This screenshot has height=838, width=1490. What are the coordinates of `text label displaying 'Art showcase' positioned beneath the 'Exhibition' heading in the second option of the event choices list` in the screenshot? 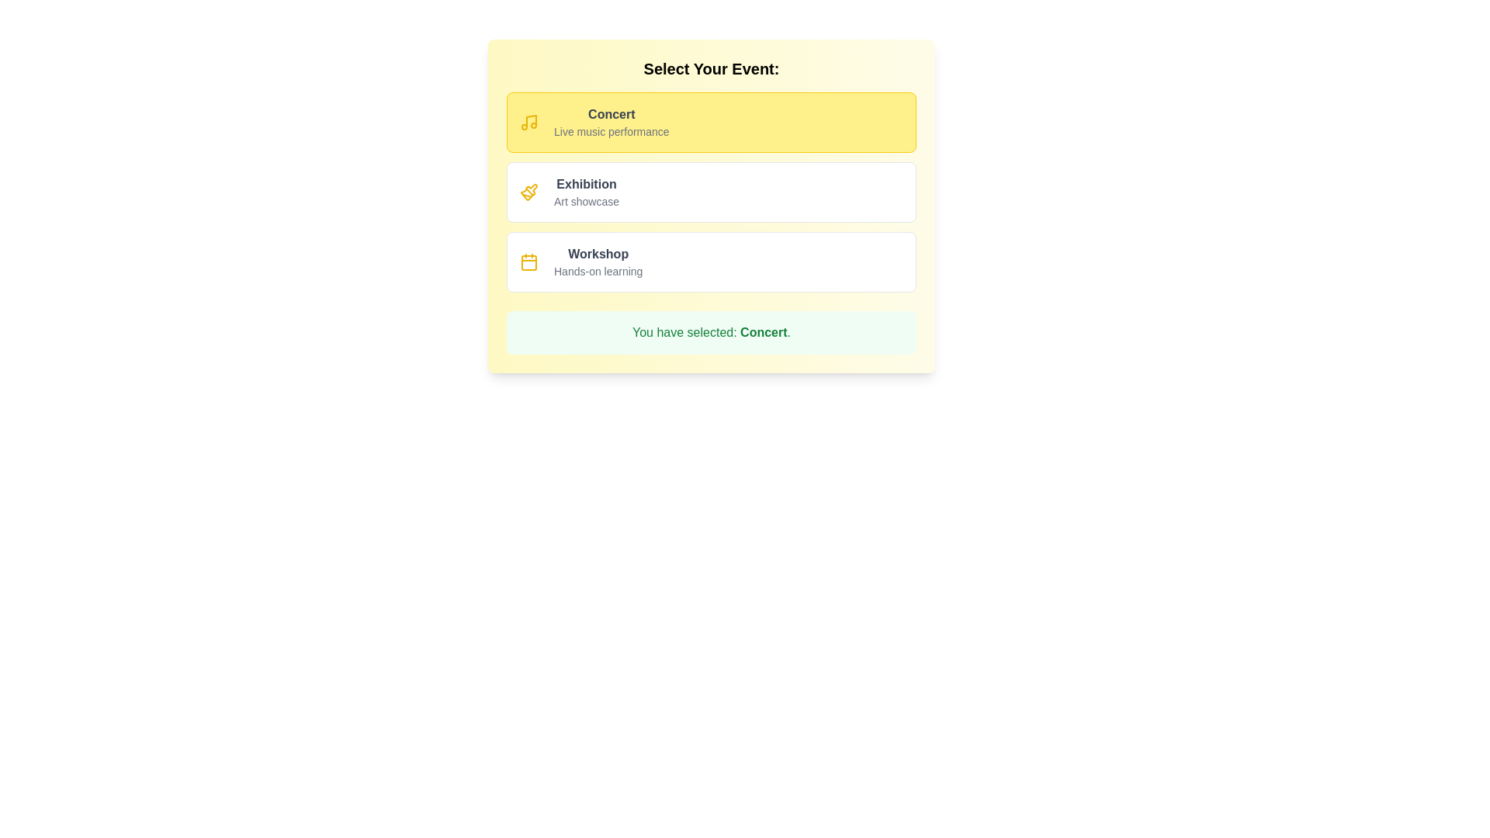 It's located at (586, 200).